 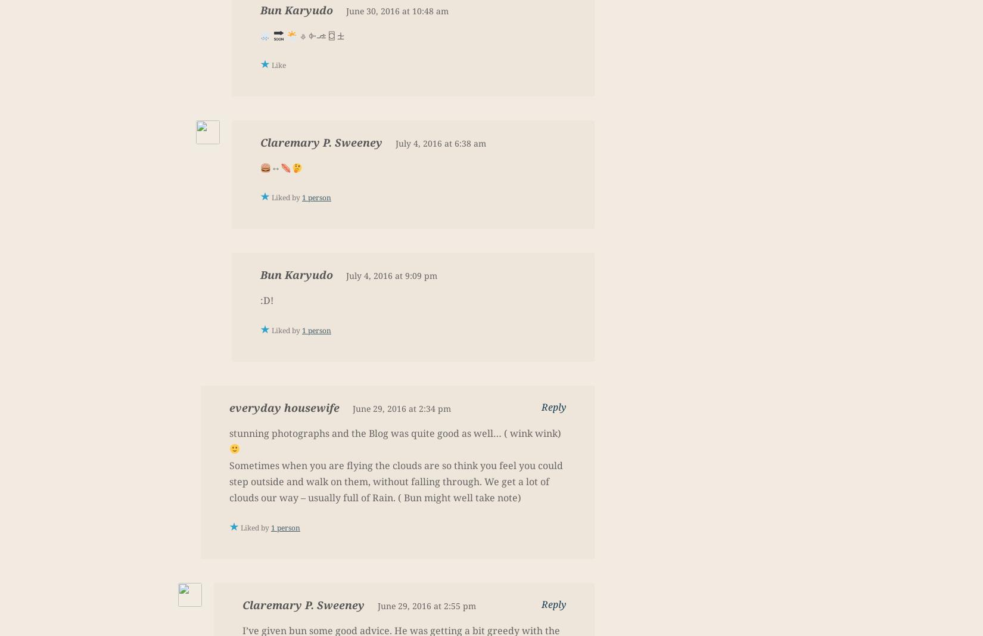 I want to click on 'stunning photographs and the Blog was quite good as well… ( wink wink)', so click(x=229, y=432).